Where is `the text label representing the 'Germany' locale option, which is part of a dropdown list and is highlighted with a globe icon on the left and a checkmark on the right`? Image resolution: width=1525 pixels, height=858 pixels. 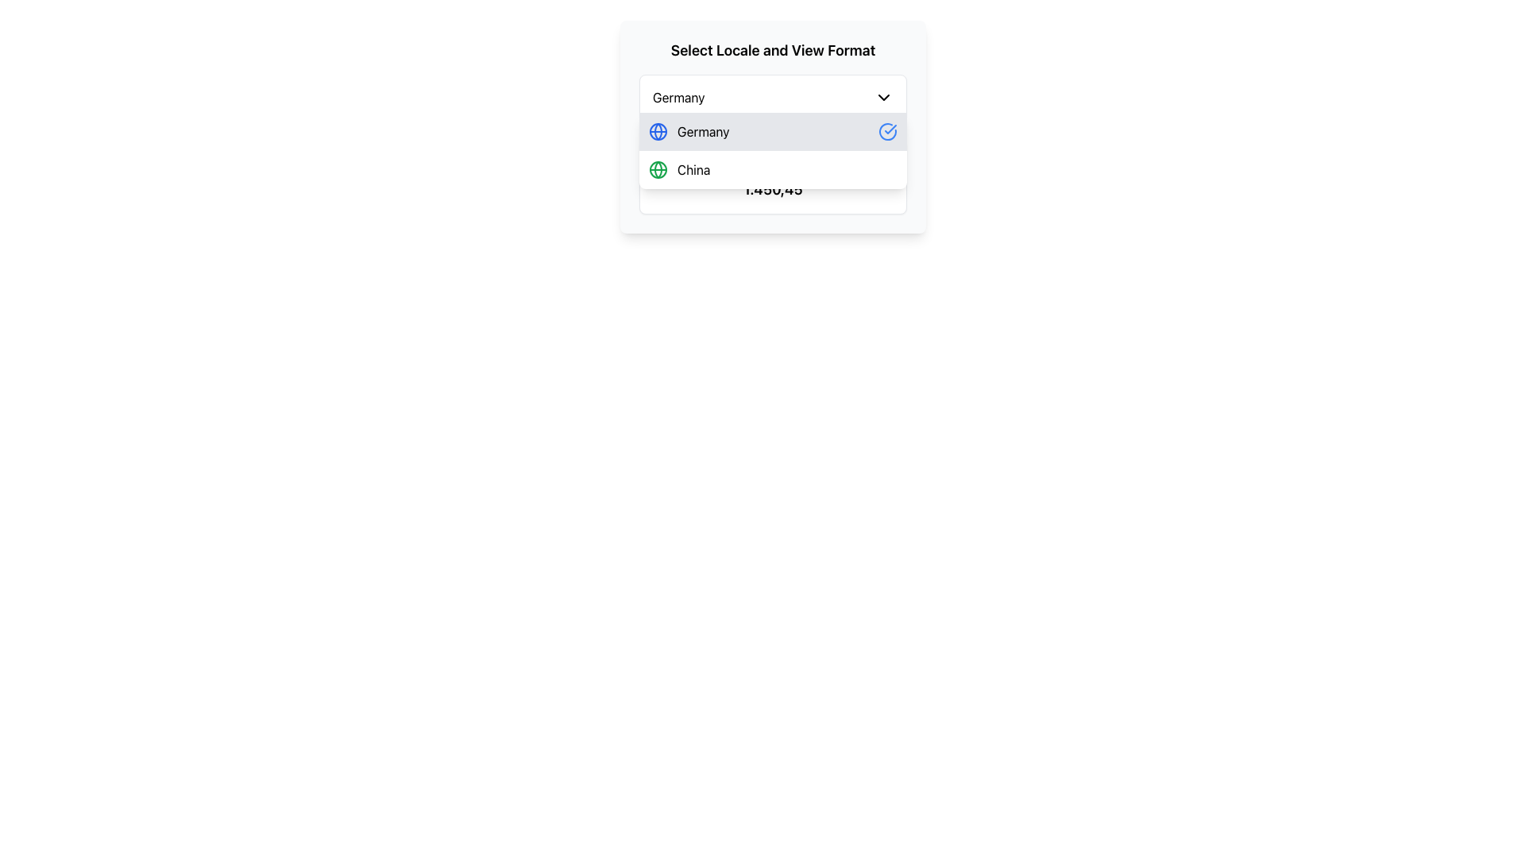
the text label representing the 'Germany' locale option, which is part of a dropdown list and is highlighted with a globe icon on the left and a checkmark on the right is located at coordinates (702, 130).